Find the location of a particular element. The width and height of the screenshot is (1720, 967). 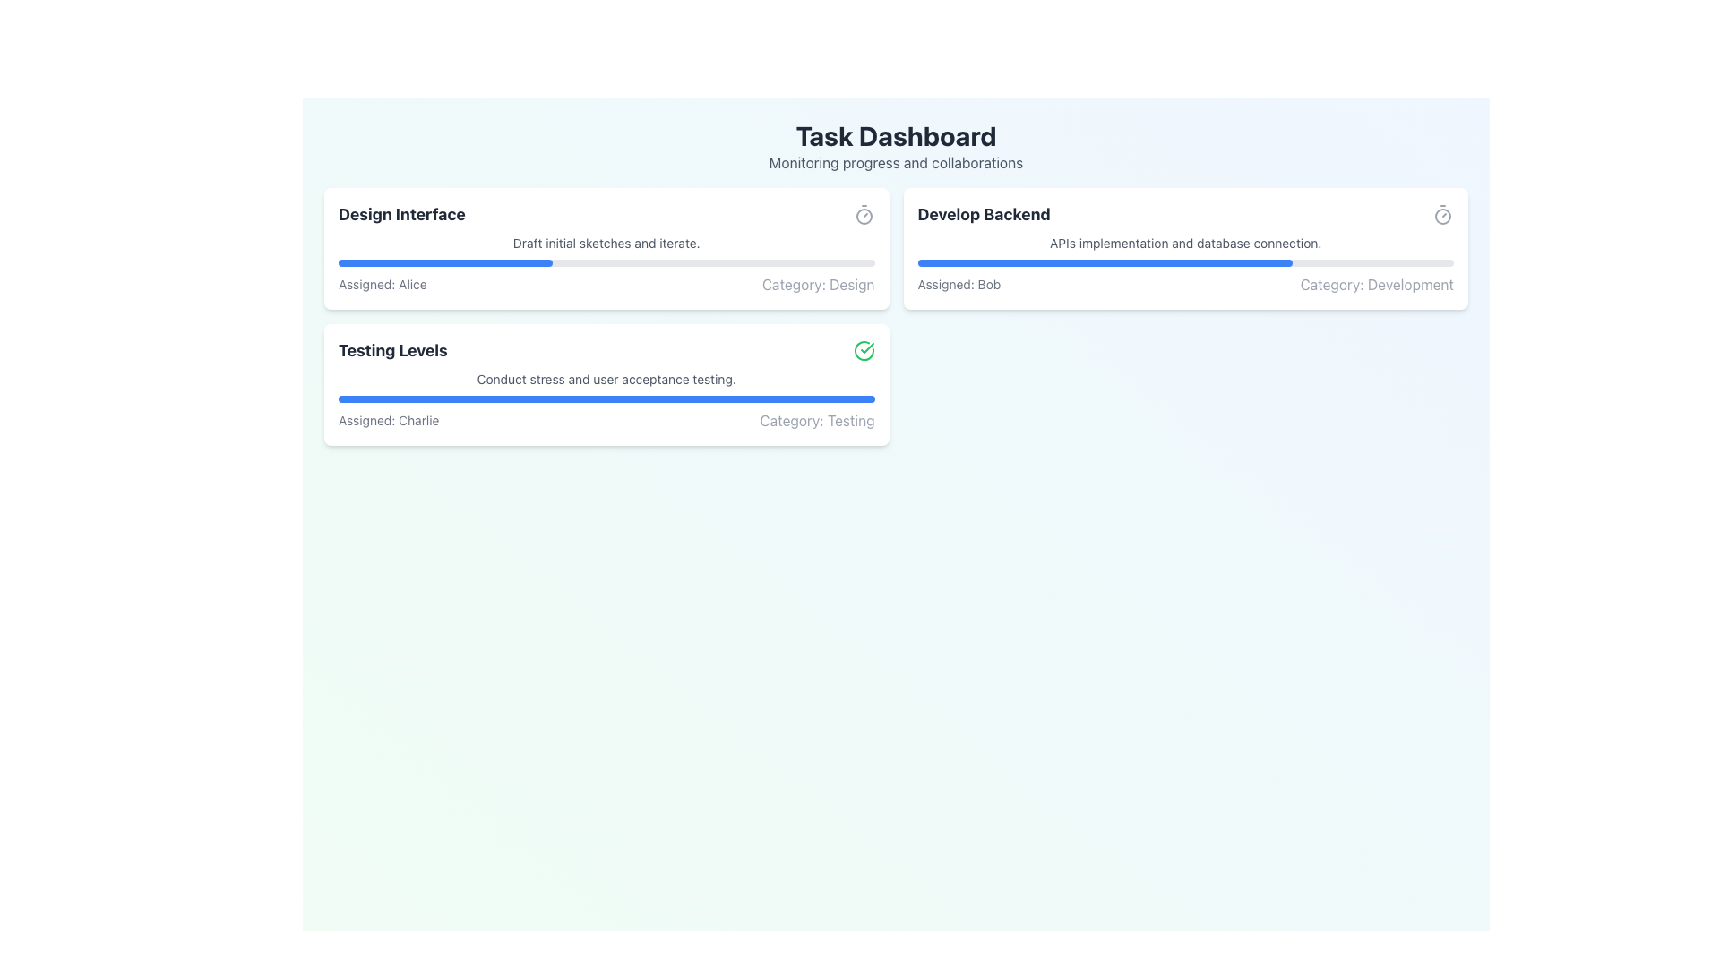

the Text Label that displays the task category on the 'Testing Levels' task card in the bottom-right section of the dashboard is located at coordinates (816, 421).